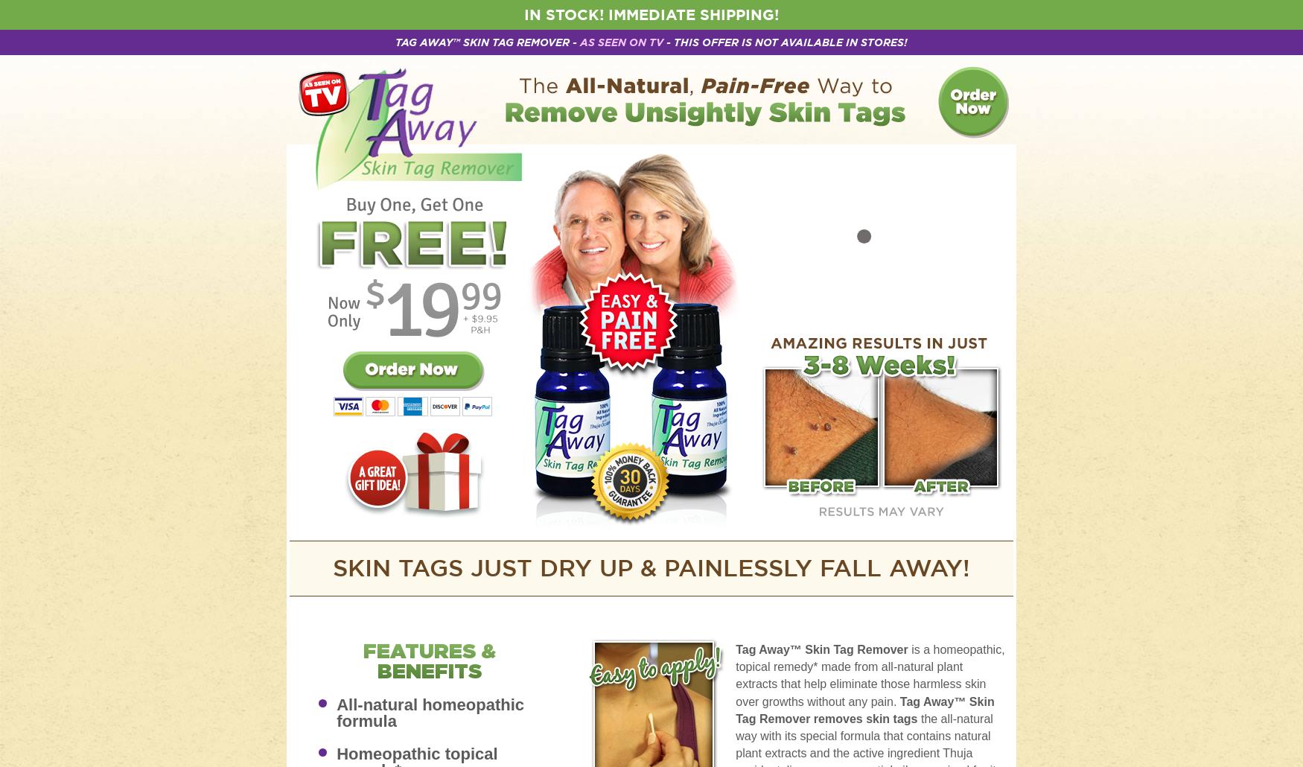 The width and height of the screenshot is (1303, 767). What do you see at coordinates (662, 42) in the screenshot?
I see `'- This Offer Is Not Available In Stores!'` at bounding box center [662, 42].